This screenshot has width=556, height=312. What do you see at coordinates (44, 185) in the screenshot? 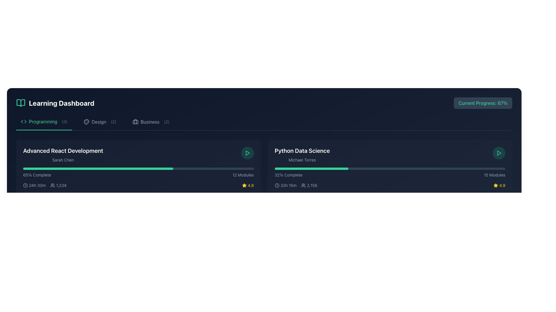
I see `the informational block displaying '24h 30m' and '1,234' within the 'Advanced React Development' course card in the Learning Dashboard` at bounding box center [44, 185].